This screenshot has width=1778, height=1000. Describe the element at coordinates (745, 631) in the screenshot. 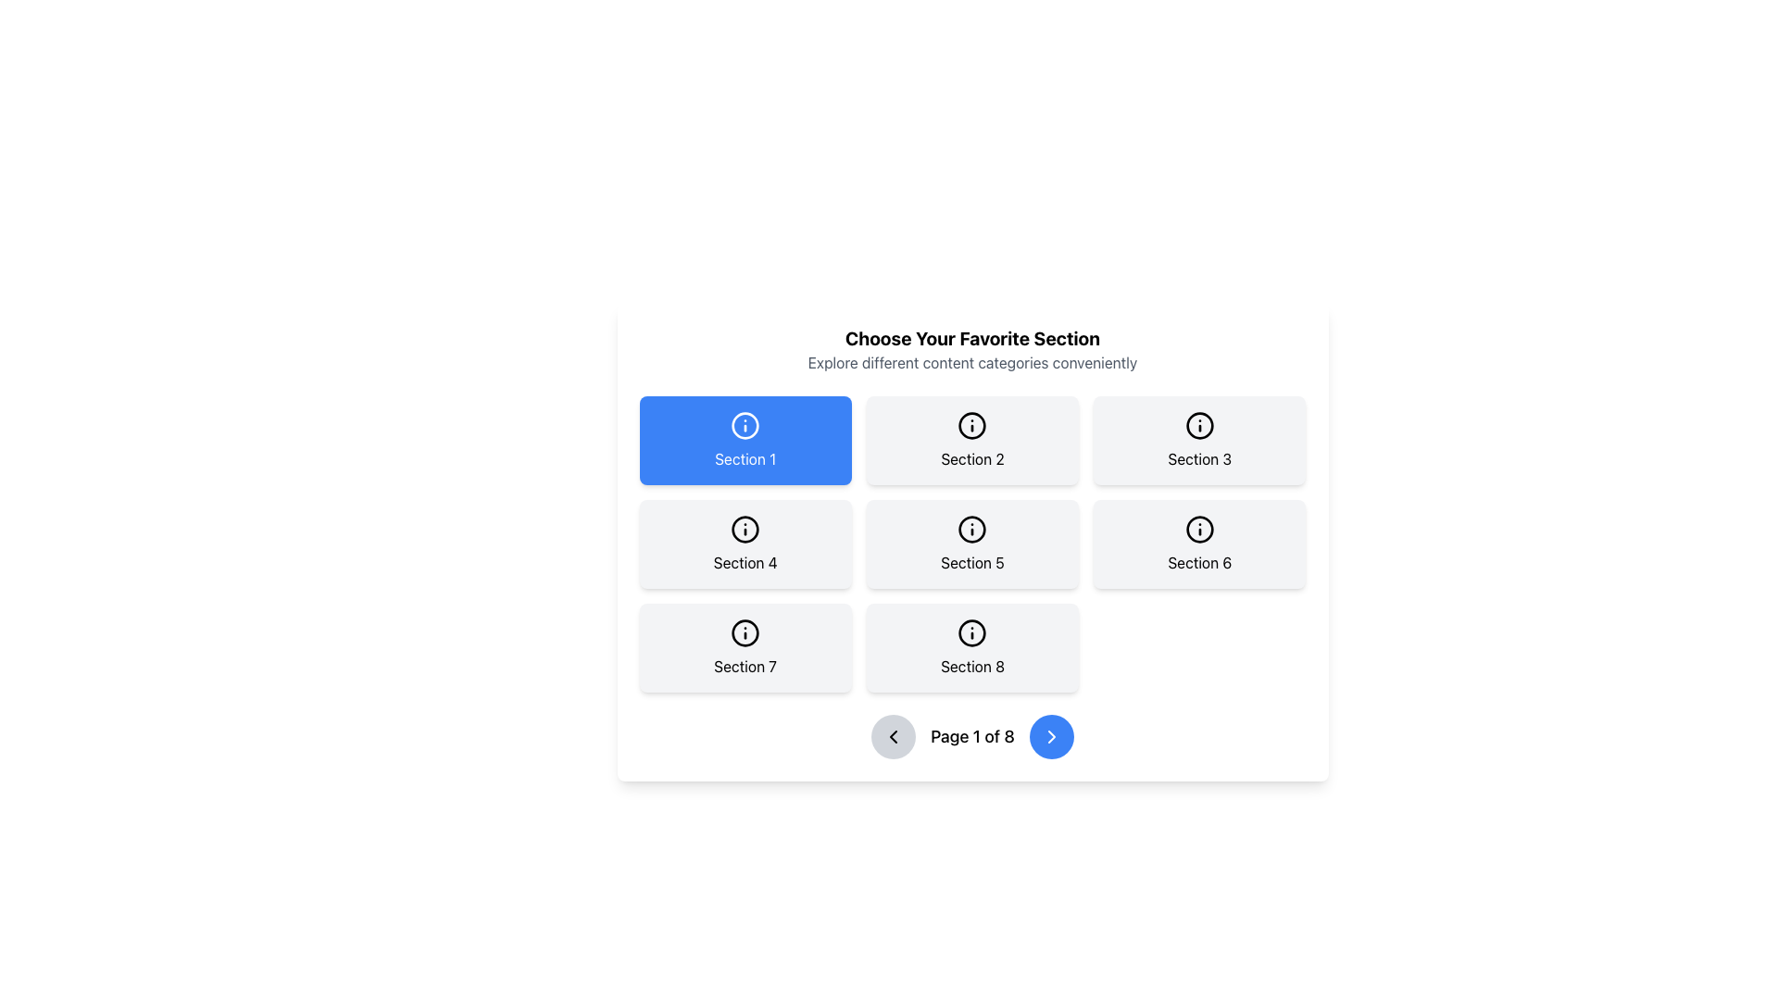

I see `the circular information icon with a lowercase 'i' located in the 'Section 7' component of the 'Choose Your Favorite Section' interface` at that location.